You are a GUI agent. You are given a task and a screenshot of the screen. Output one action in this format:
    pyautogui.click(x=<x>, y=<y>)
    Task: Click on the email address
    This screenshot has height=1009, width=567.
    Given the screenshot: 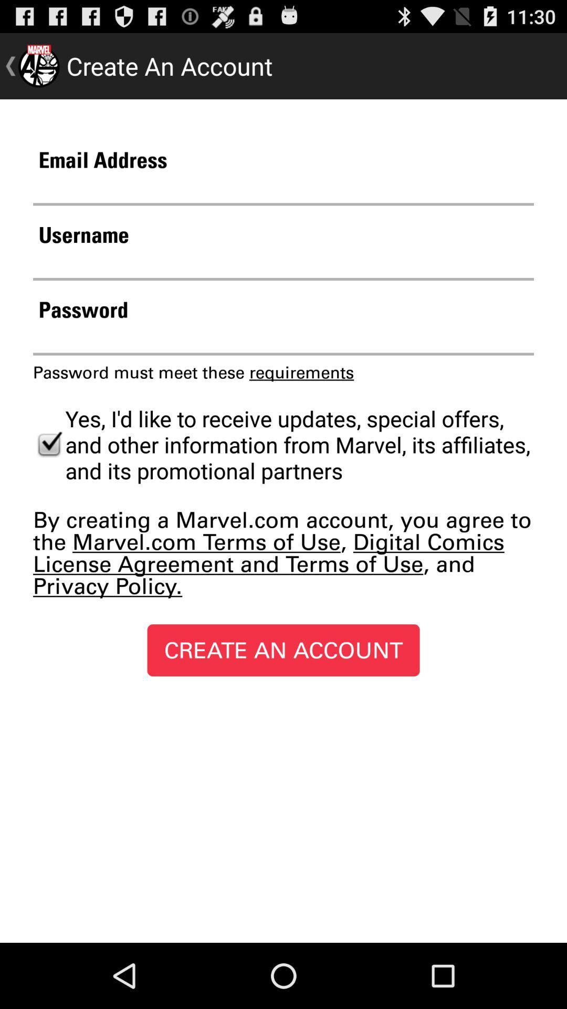 What is the action you would take?
    pyautogui.click(x=283, y=189)
    